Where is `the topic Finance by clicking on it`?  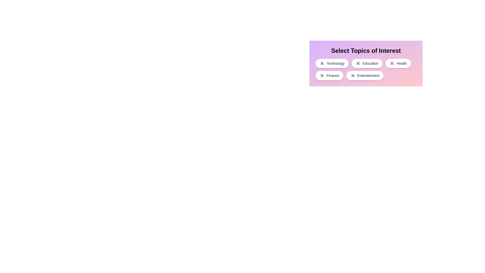 the topic Finance by clicking on it is located at coordinates (329, 76).